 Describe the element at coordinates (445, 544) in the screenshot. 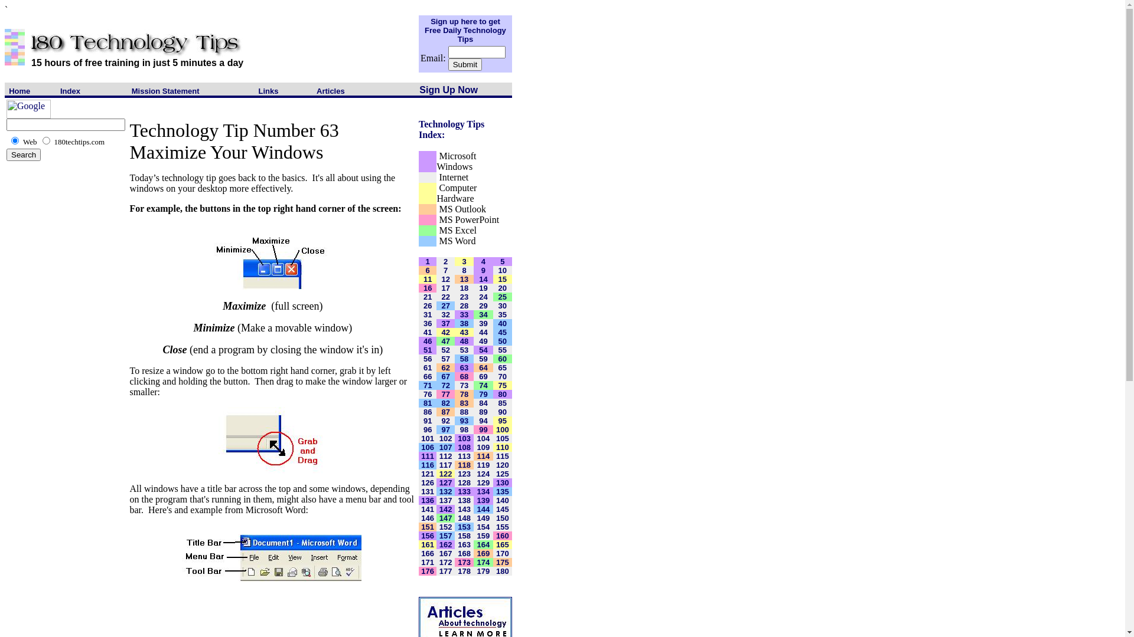

I see `'162'` at that location.